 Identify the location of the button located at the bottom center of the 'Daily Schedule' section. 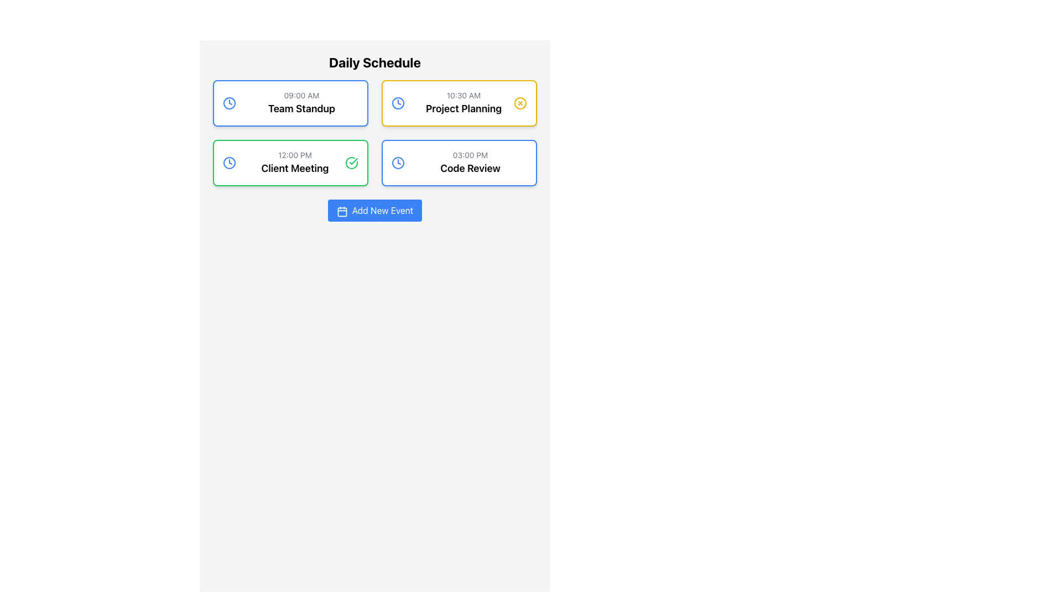
(374, 211).